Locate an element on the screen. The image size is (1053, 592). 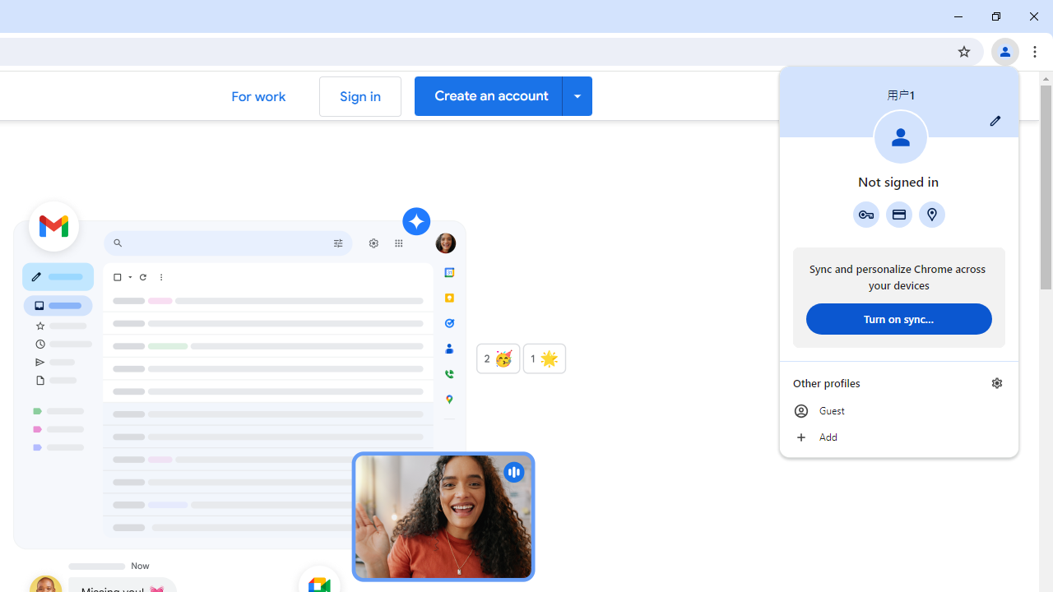
'Addresses and more' is located at coordinates (932, 214).